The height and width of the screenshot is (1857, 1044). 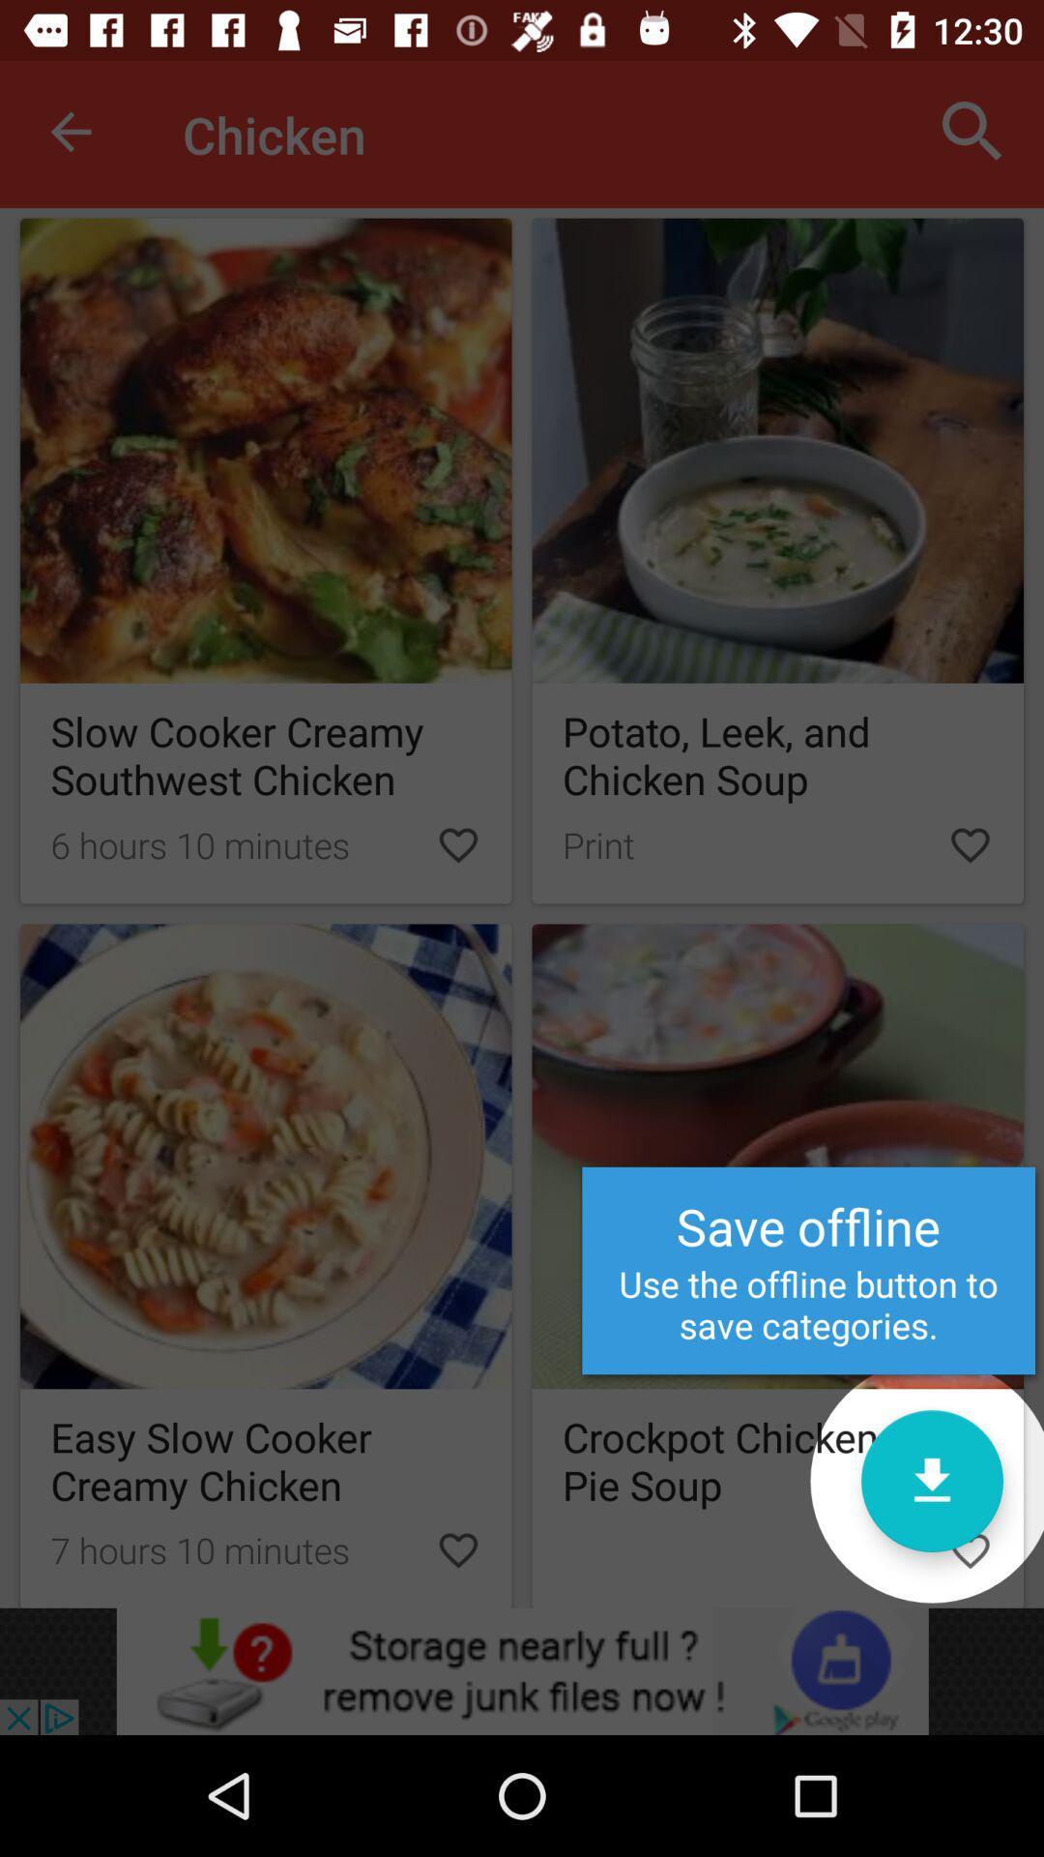 What do you see at coordinates (931, 1480) in the screenshot?
I see `the file_download icon` at bounding box center [931, 1480].